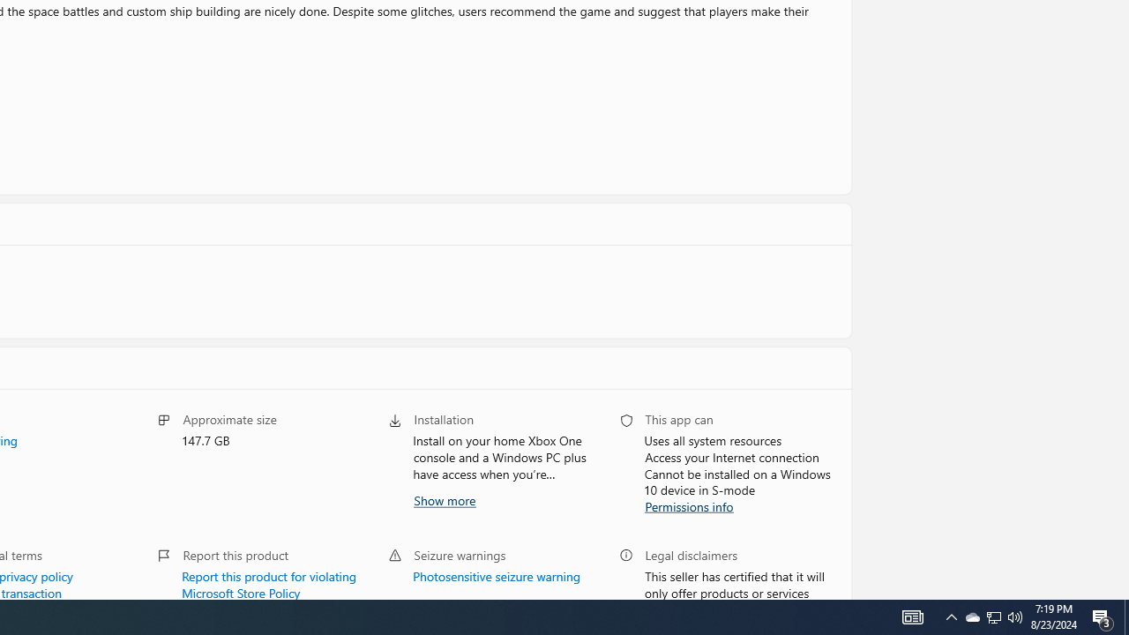 The height and width of the screenshot is (635, 1129). What do you see at coordinates (269, 582) in the screenshot?
I see `'Report this product for violating Microsoft Store Policy'` at bounding box center [269, 582].